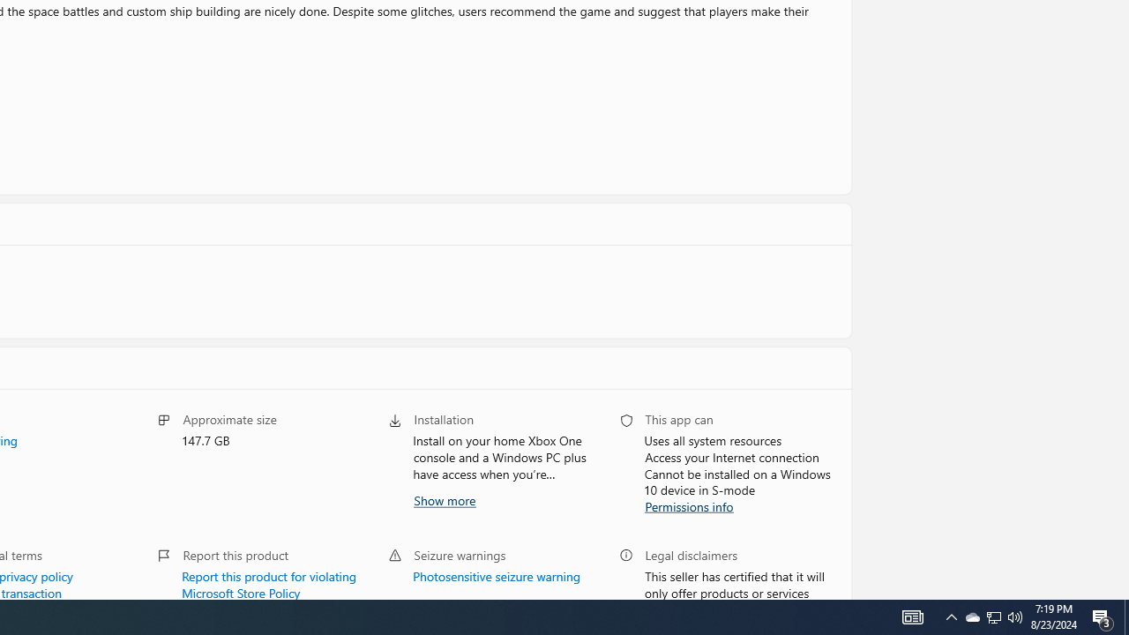 The height and width of the screenshot is (635, 1129). What do you see at coordinates (269, 582) in the screenshot?
I see `'Report this product for violating Microsoft Store Policy'` at bounding box center [269, 582].